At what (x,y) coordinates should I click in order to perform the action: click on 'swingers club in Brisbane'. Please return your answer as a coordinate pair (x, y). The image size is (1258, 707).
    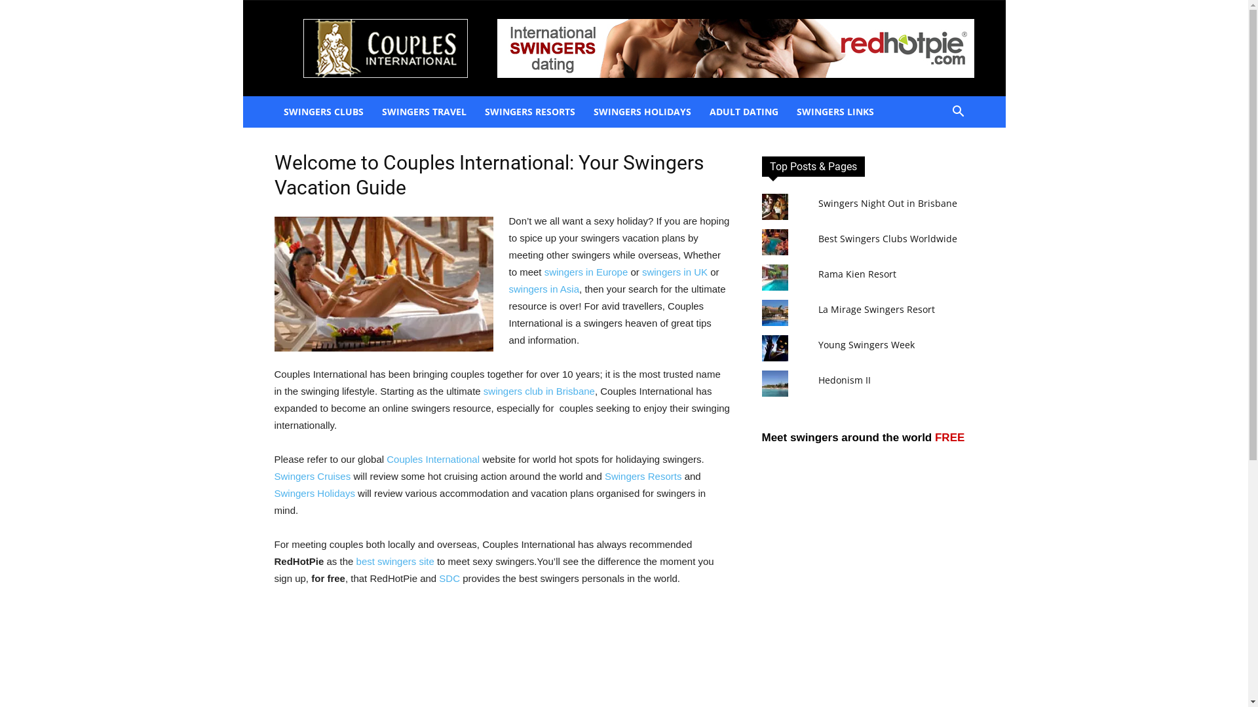
    Looking at the image, I should click on (539, 390).